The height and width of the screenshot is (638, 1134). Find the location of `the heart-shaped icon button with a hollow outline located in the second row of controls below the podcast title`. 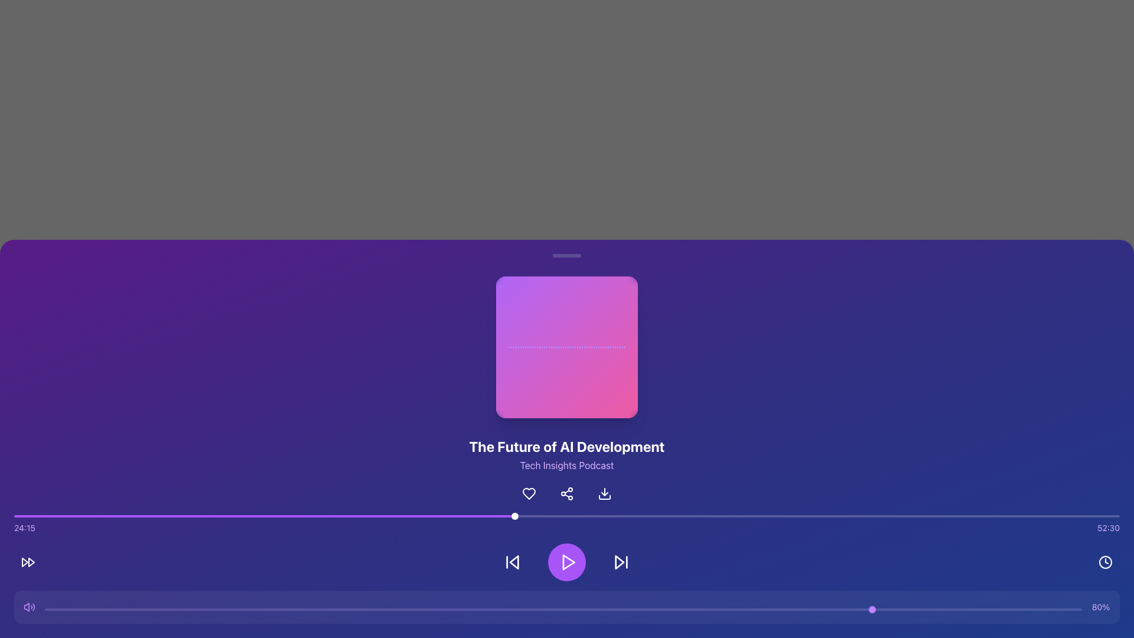

the heart-shaped icon button with a hollow outline located in the second row of controls below the podcast title is located at coordinates (529, 494).